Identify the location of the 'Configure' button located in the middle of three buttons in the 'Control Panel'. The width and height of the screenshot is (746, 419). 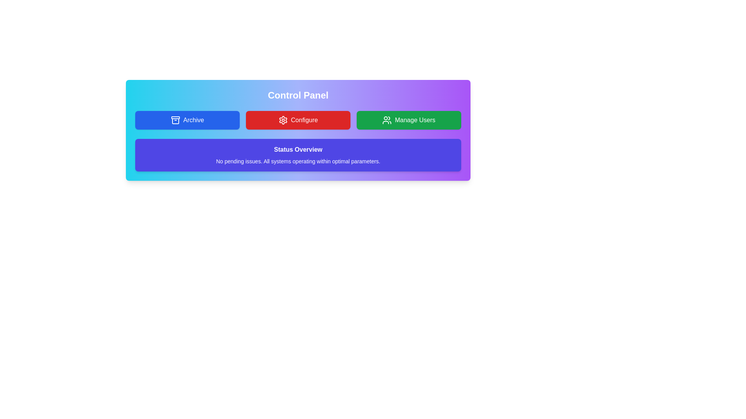
(298, 120).